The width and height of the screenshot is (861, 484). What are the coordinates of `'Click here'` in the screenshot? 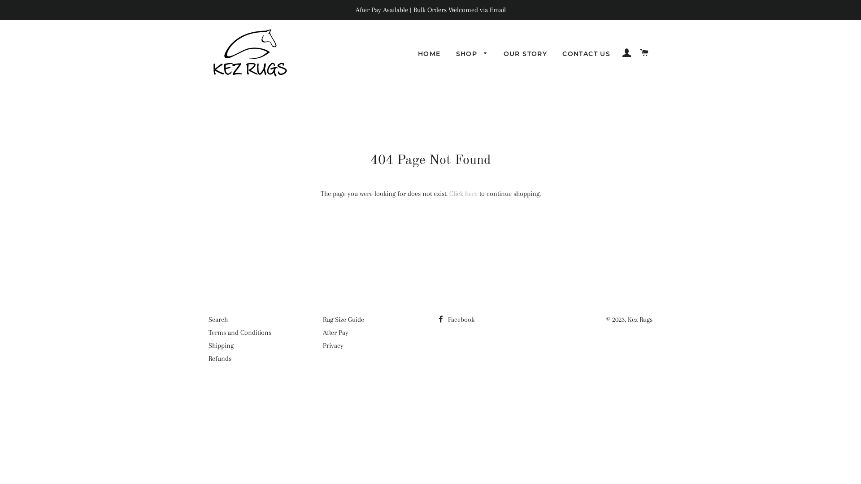 It's located at (449, 193).